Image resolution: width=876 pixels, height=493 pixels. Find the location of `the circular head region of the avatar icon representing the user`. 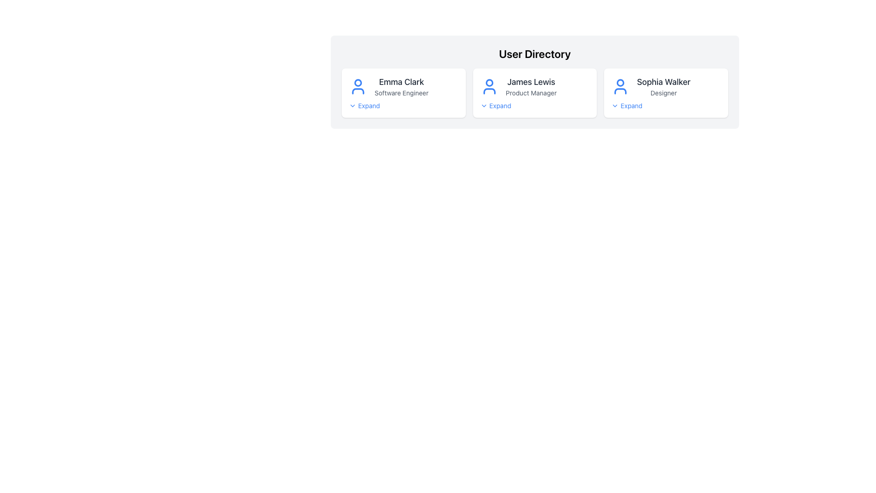

the circular head region of the avatar icon representing the user is located at coordinates (358, 83).